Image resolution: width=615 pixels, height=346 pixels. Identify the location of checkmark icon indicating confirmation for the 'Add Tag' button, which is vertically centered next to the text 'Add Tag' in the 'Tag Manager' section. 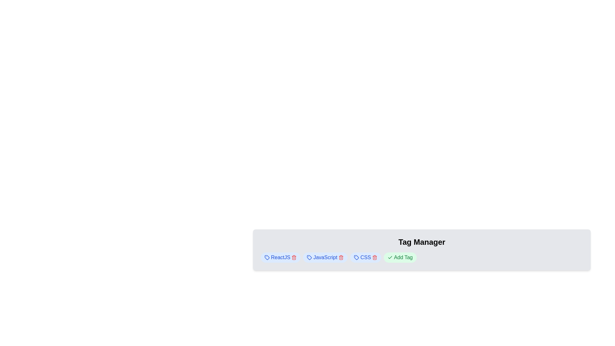
(390, 257).